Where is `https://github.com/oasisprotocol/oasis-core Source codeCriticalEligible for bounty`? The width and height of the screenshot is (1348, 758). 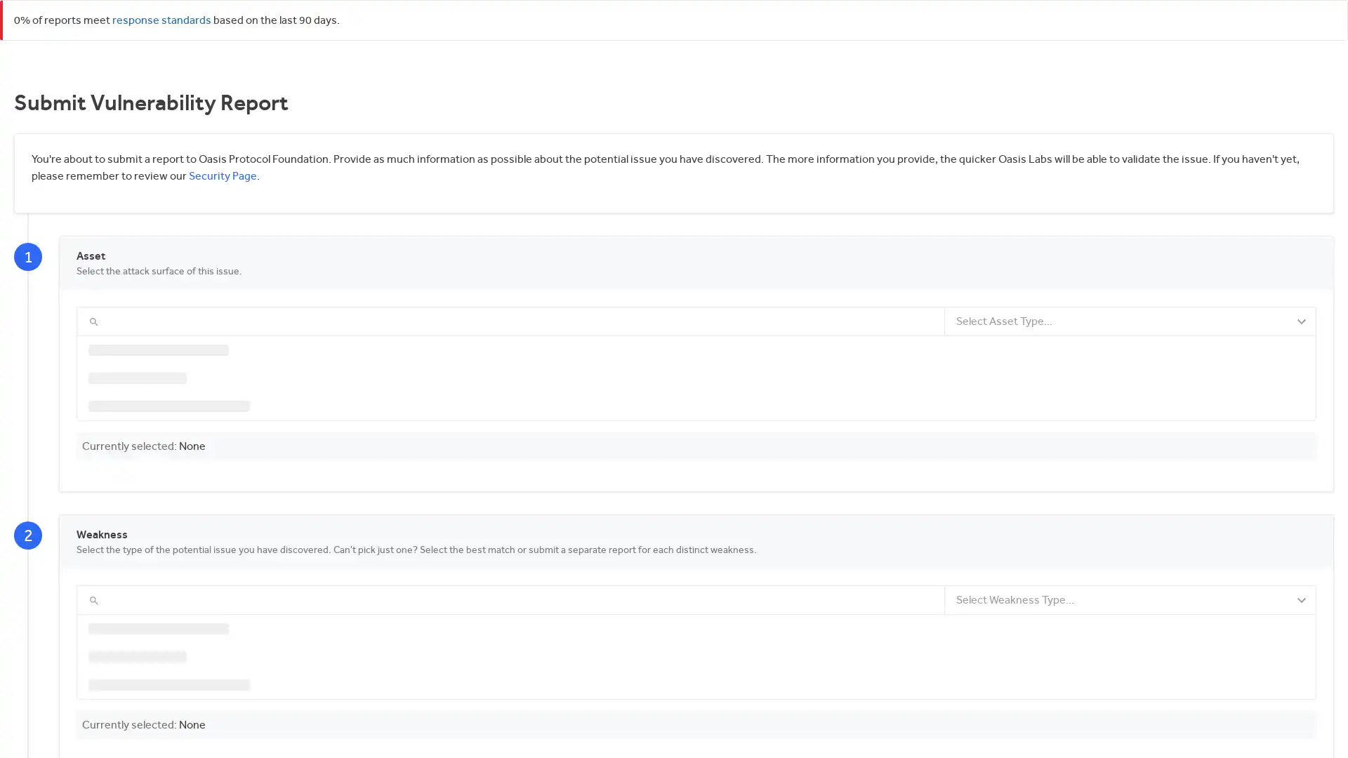
https://github.com/oasisprotocol/oasis-core Source codeCriticalEligible for bounty is located at coordinates (696, 354).